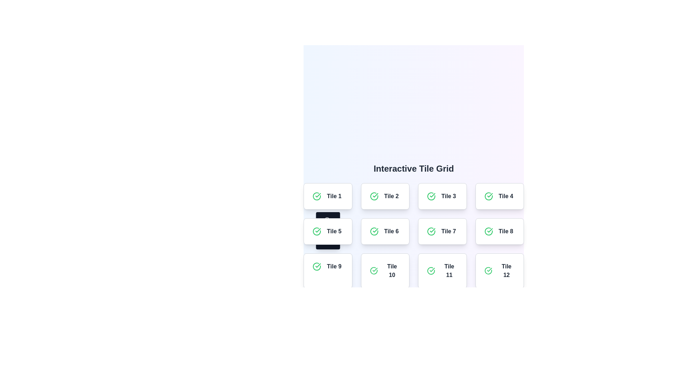 This screenshot has height=387, width=689. Describe the element at coordinates (442, 231) in the screenshot. I see `the tile UI component located in the second row and third column of the grid` at that location.